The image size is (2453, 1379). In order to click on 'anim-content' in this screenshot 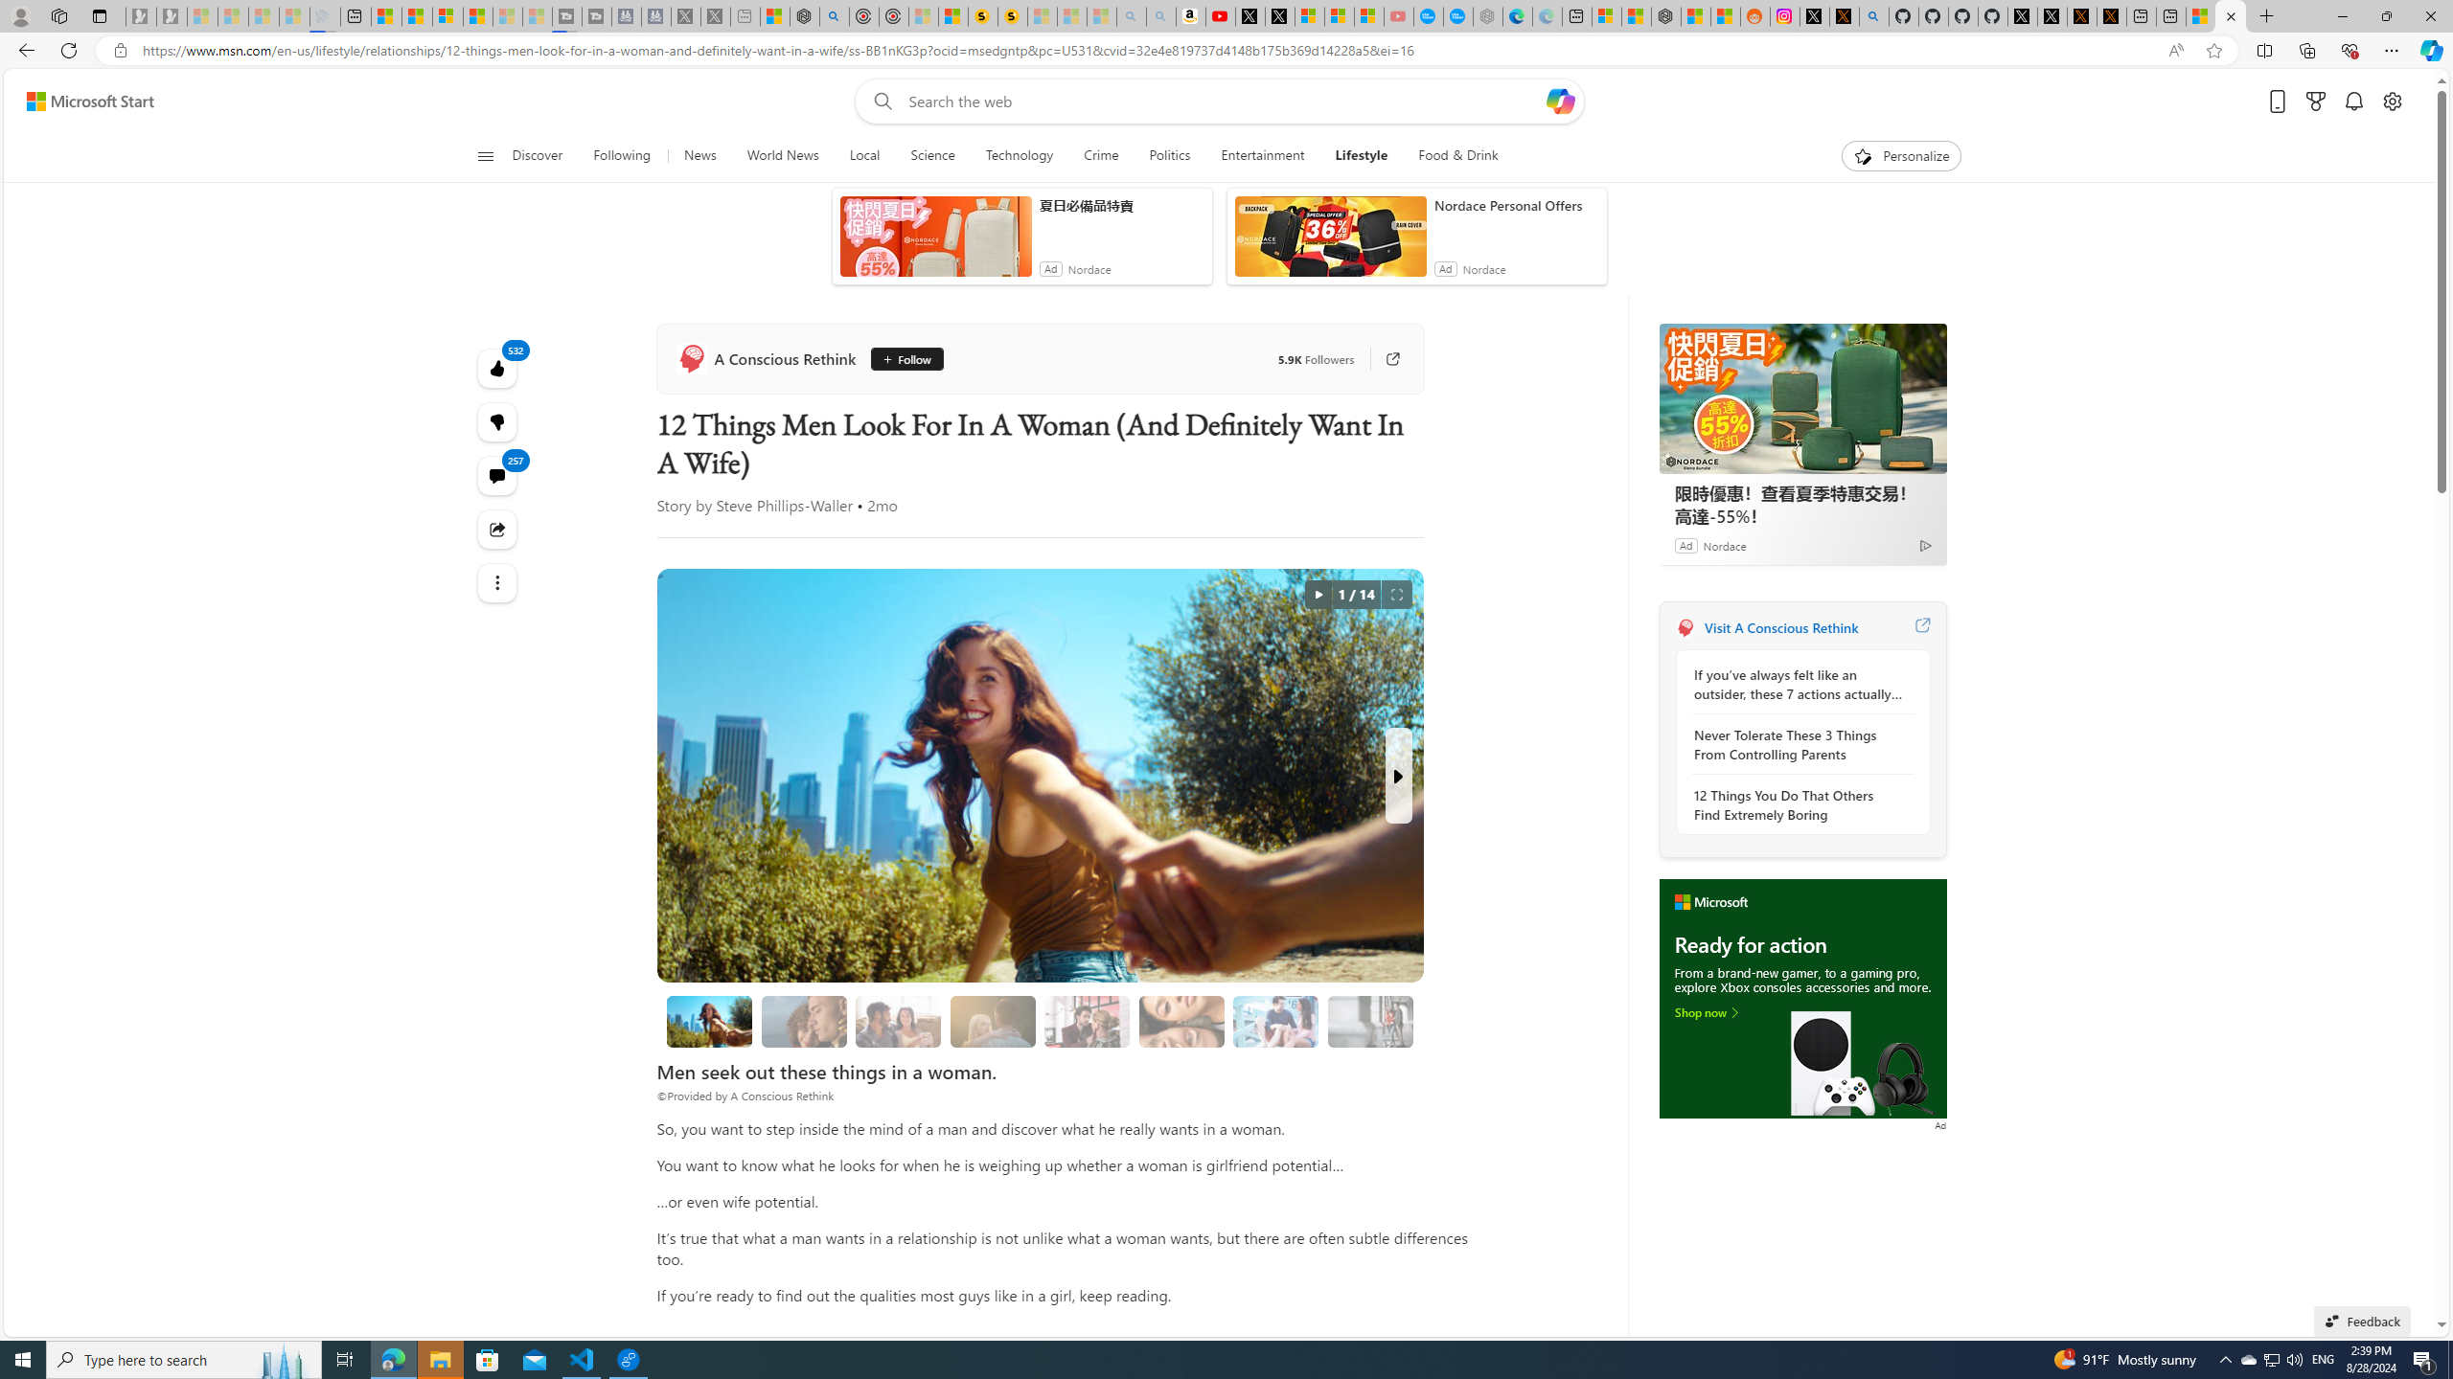, I will do `click(1329, 242)`.